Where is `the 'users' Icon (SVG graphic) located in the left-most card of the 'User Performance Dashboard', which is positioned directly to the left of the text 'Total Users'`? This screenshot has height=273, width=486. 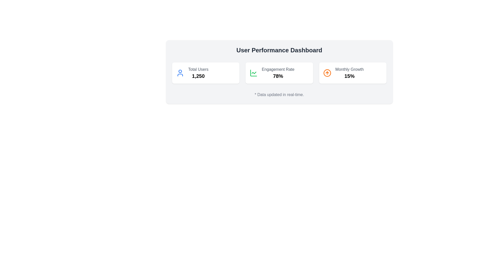
the 'users' Icon (SVG graphic) located in the left-most card of the 'User Performance Dashboard', which is positioned directly to the left of the text 'Total Users' is located at coordinates (180, 73).